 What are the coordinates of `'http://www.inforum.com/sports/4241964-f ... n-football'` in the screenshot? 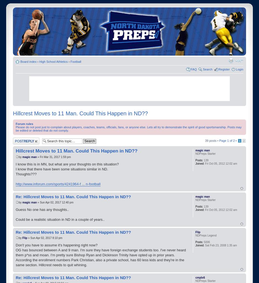 It's located at (58, 184).